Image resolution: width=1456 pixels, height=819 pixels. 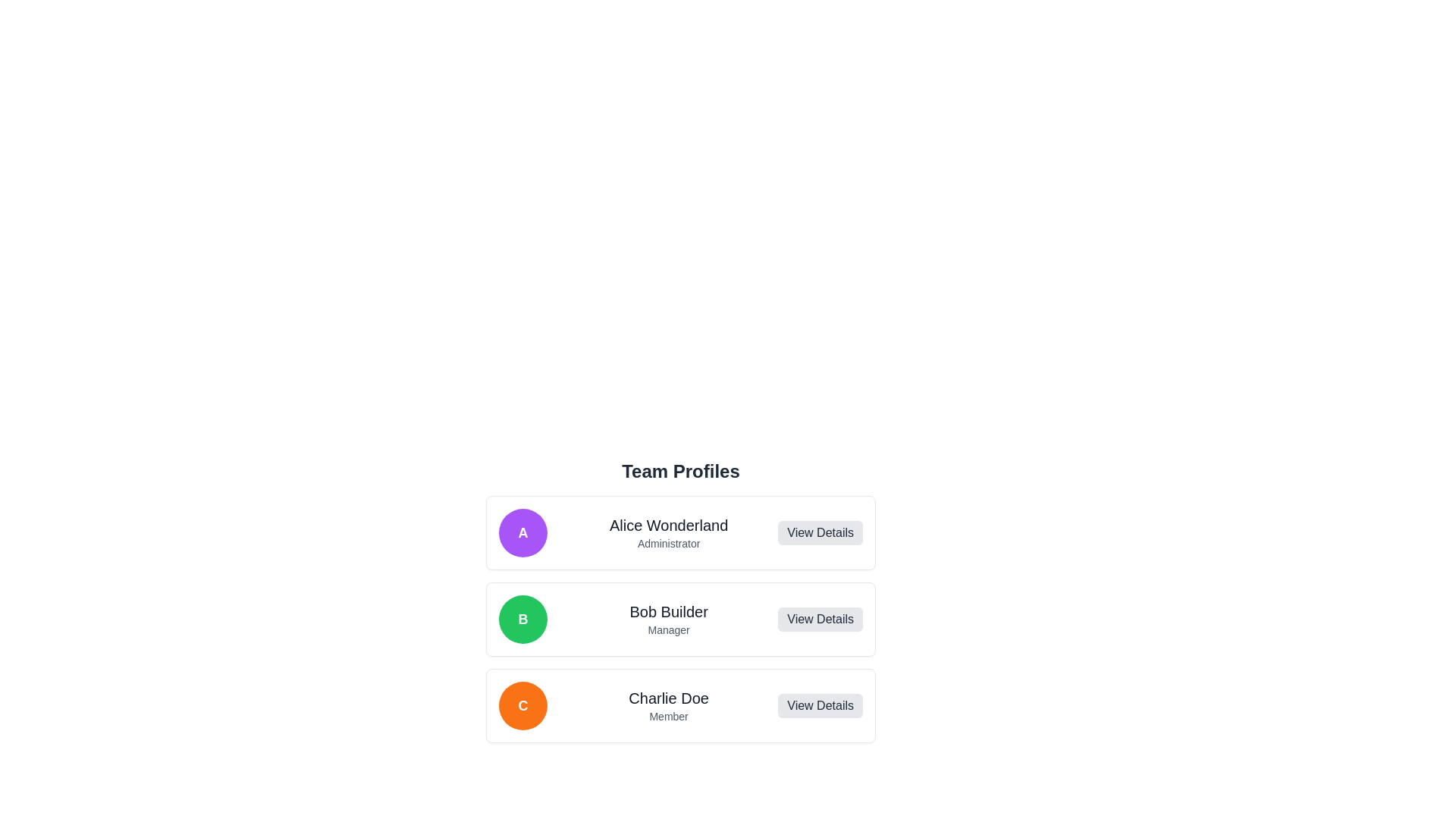 What do you see at coordinates (679, 620) in the screenshot?
I see `the Profile summary row for 'Bob Builder', which contains a green icon 'B', the name 'Bob Builder' in bold, the role 'Manager', and a 'View Details' button` at bounding box center [679, 620].